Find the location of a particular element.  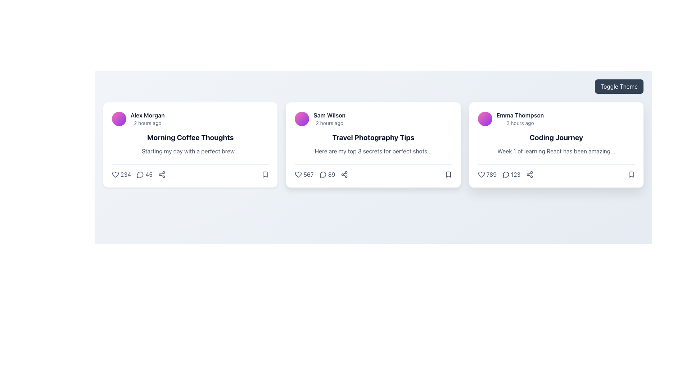

the heart-shaped icon-text combination button indicating a like or favorite with the count '234' in the bottom section of the 'Morning Coffee Thoughts' card by Alex Morgan is located at coordinates (121, 175).